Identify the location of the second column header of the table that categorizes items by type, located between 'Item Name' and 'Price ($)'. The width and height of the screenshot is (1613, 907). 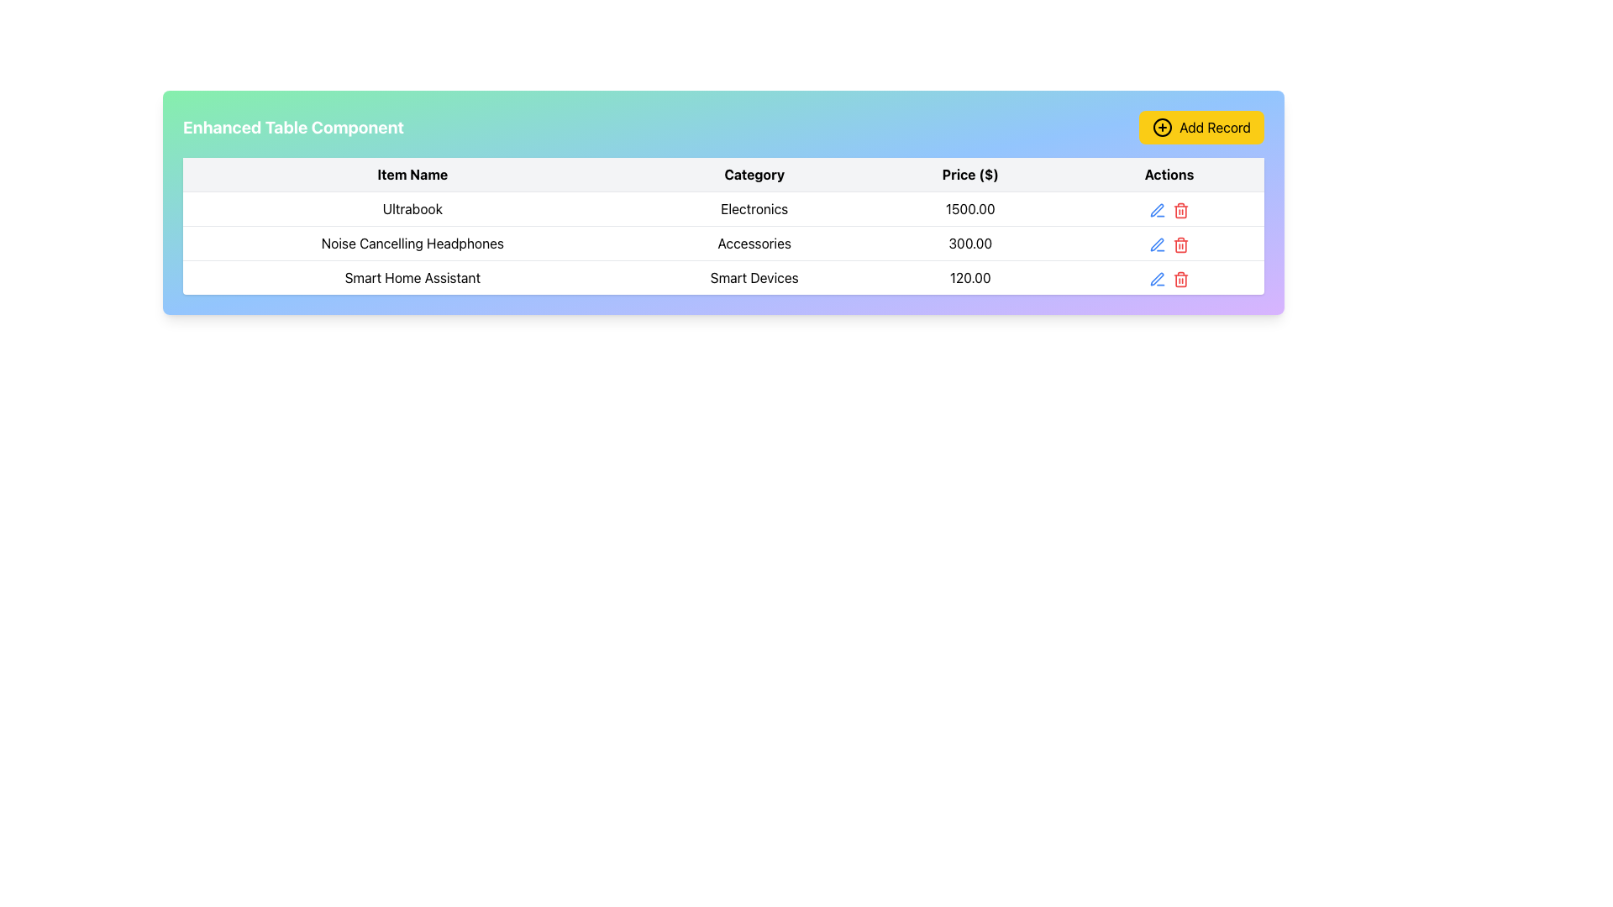
(754, 175).